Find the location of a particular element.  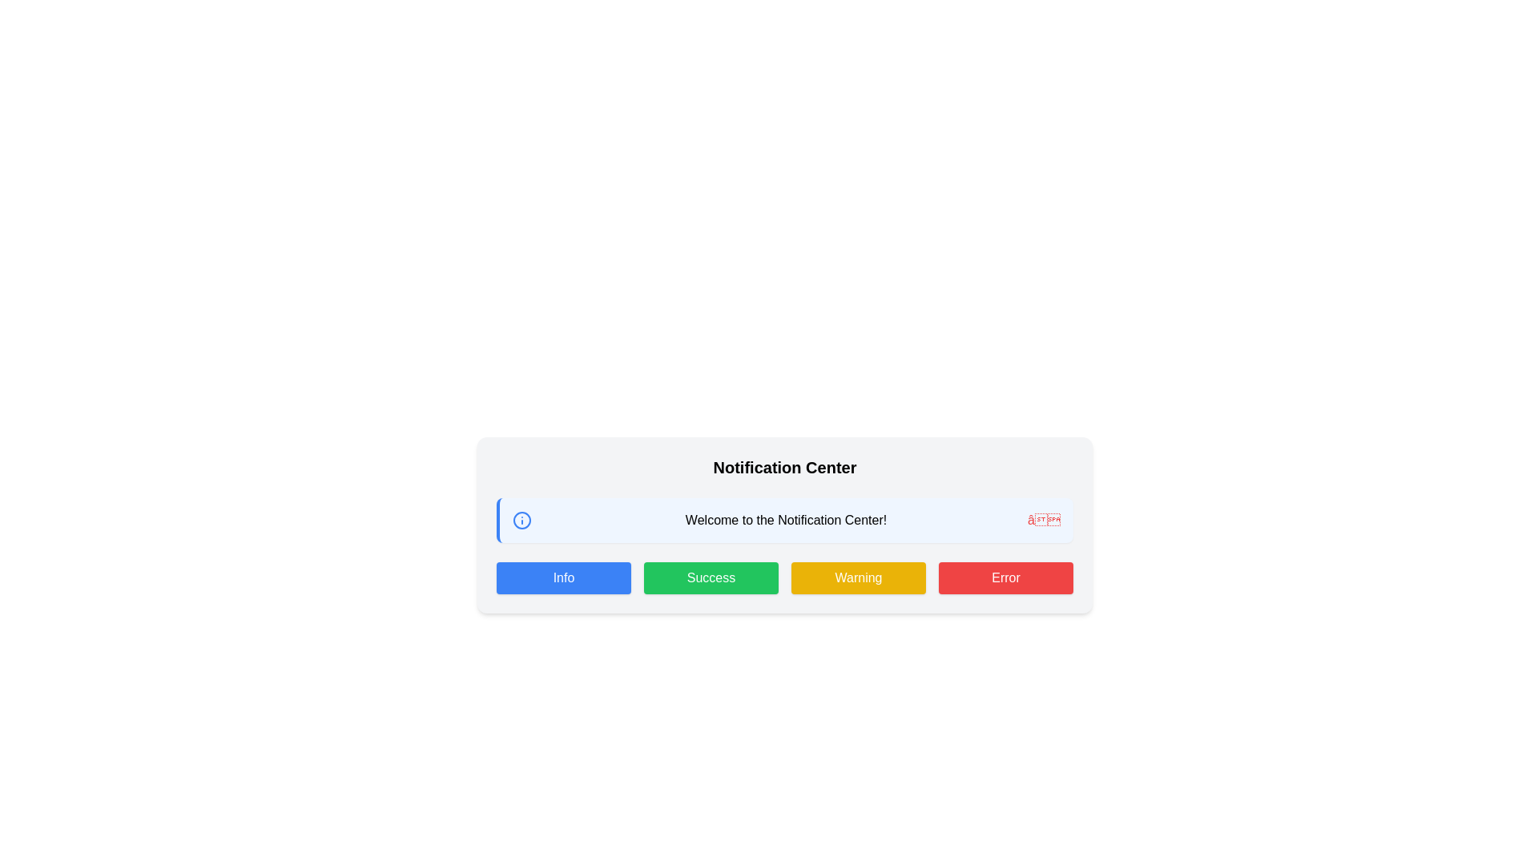

the circular informational icon with a blue border and centered blue dot located next to the 'Welcome to the Notification Center!' text is located at coordinates (522, 521).